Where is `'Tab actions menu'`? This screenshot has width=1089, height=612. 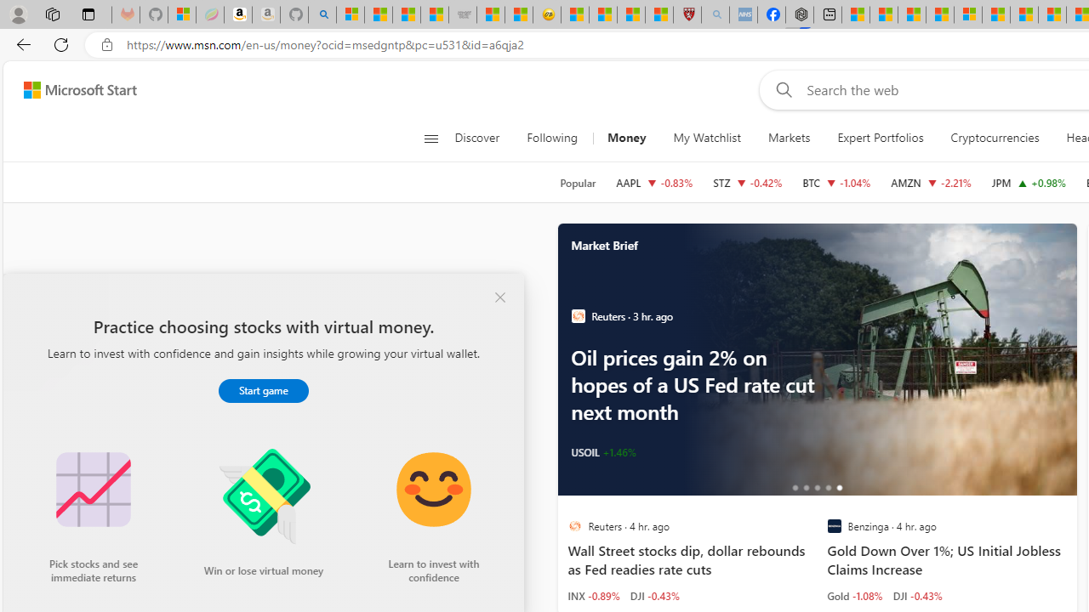
'Tab actions menu' is located at coordinates (88, 14).